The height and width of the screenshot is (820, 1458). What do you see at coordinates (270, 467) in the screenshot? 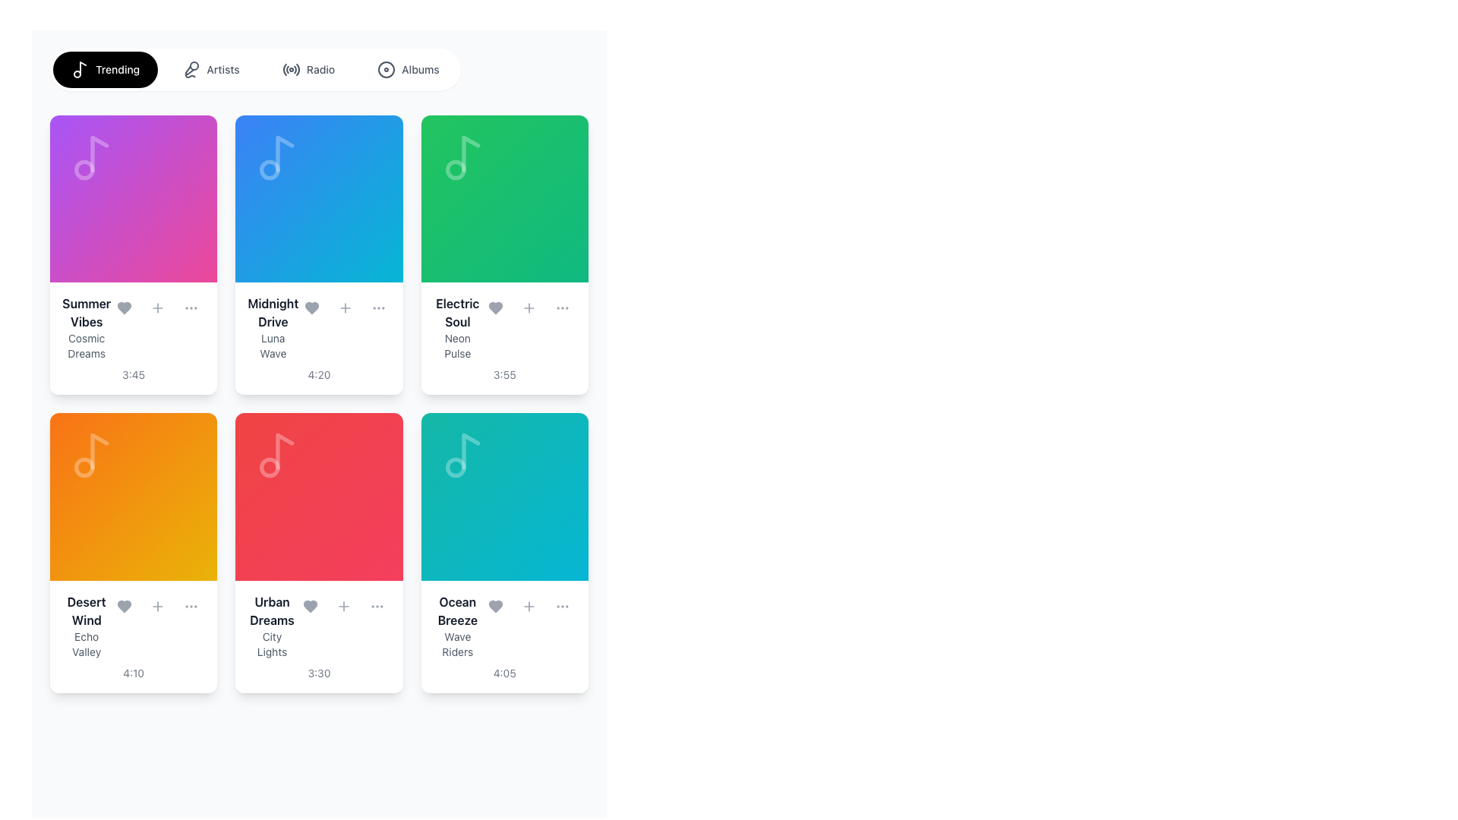
I see `the small circular shape (dot) located centrally within the music note icon in the 'Urban Dreams' tile, which is in the second column of the second row` at bounding box center [270, 467].